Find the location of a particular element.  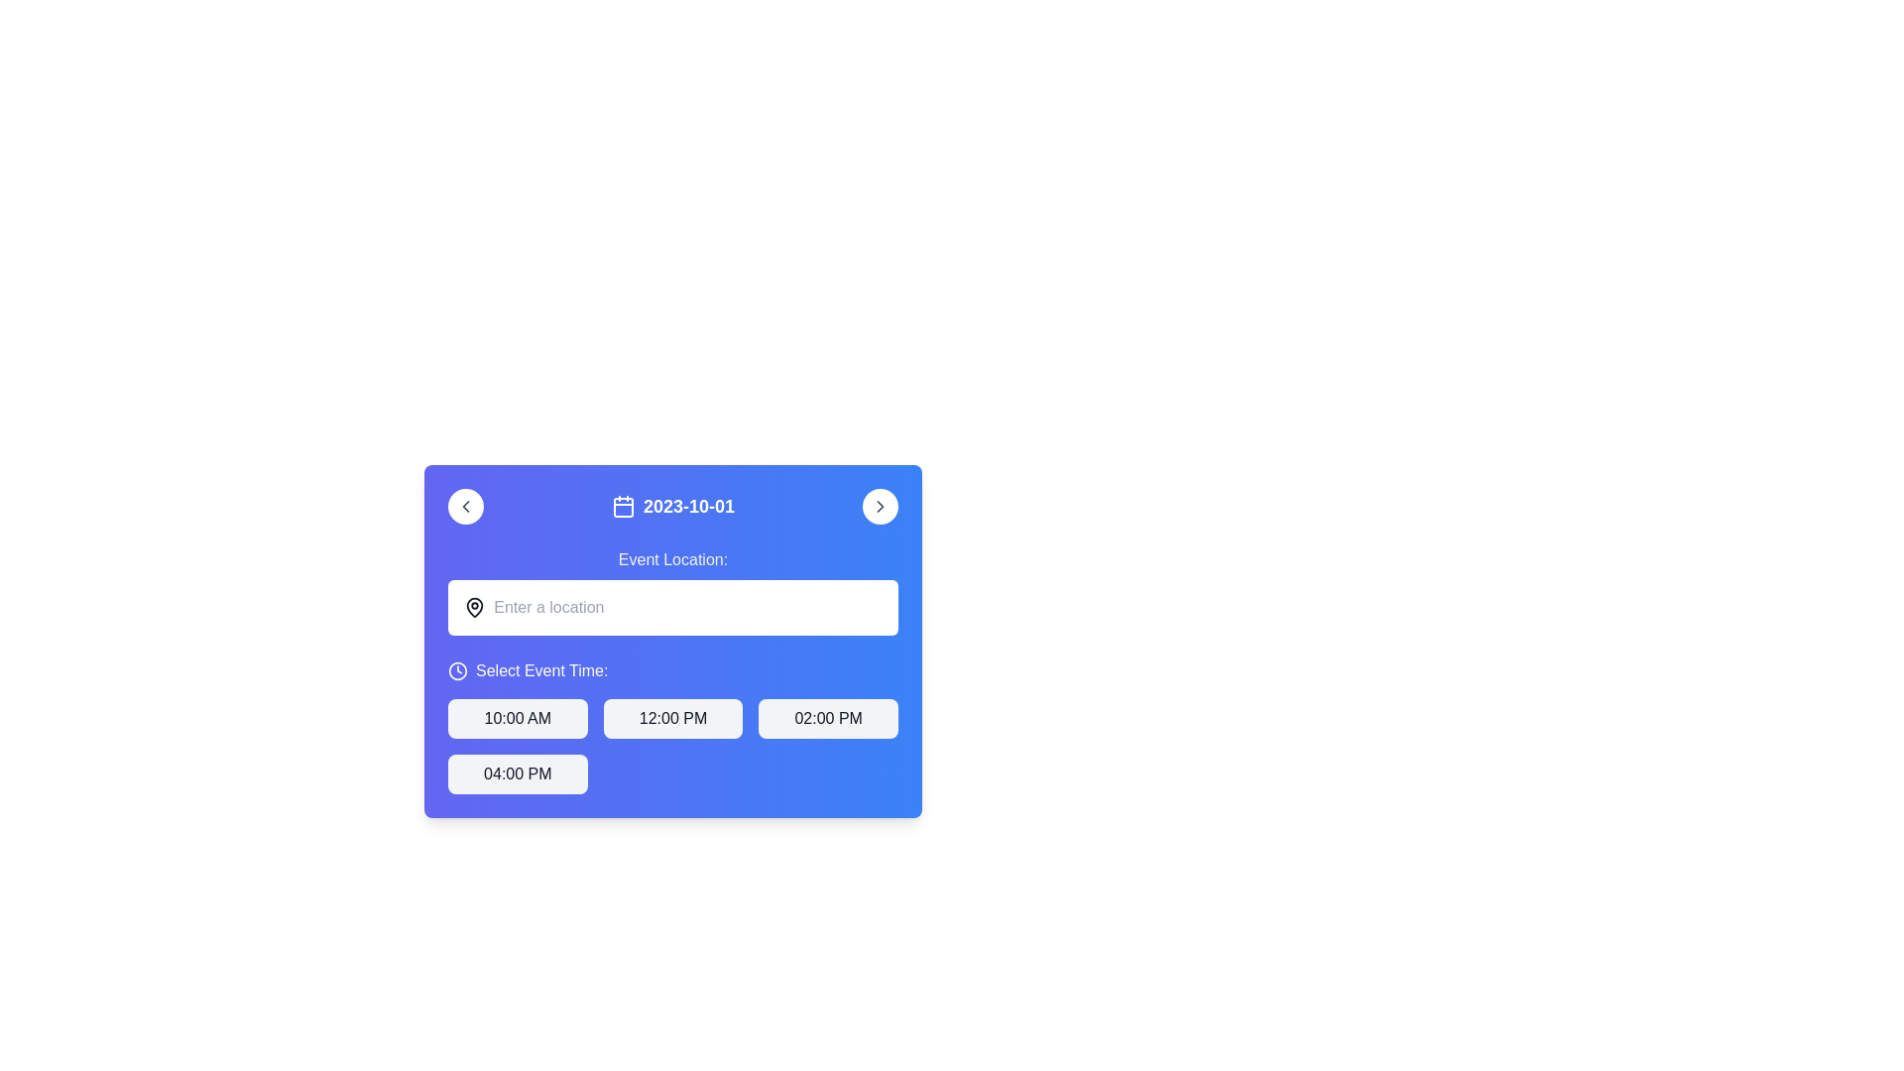

the '12:00 PM' button located in the grid under 'Select Event Time:' for keyboard navigation is located at coordinates (672, 726).